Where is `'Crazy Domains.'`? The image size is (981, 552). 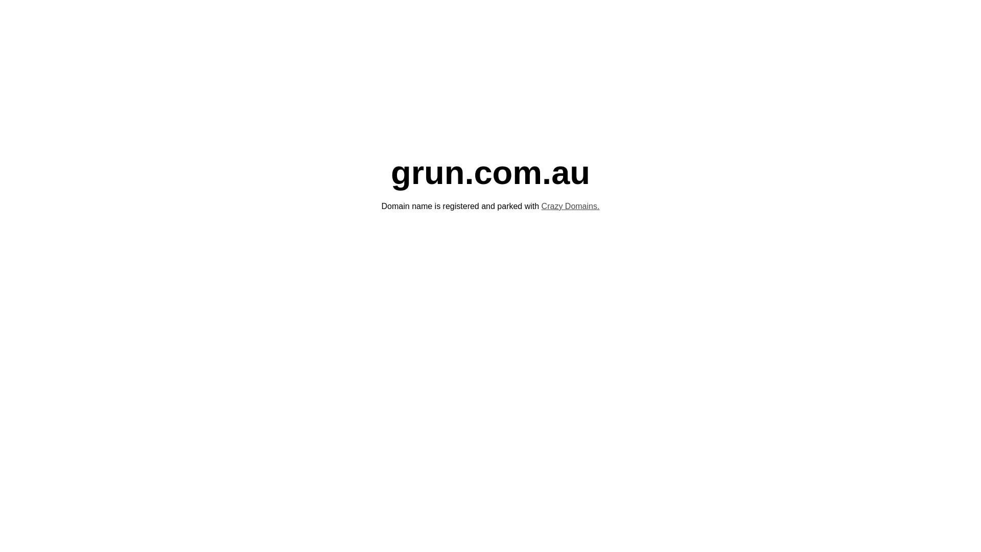
'Crazy Domains.' is located at coordinates (570, 206).